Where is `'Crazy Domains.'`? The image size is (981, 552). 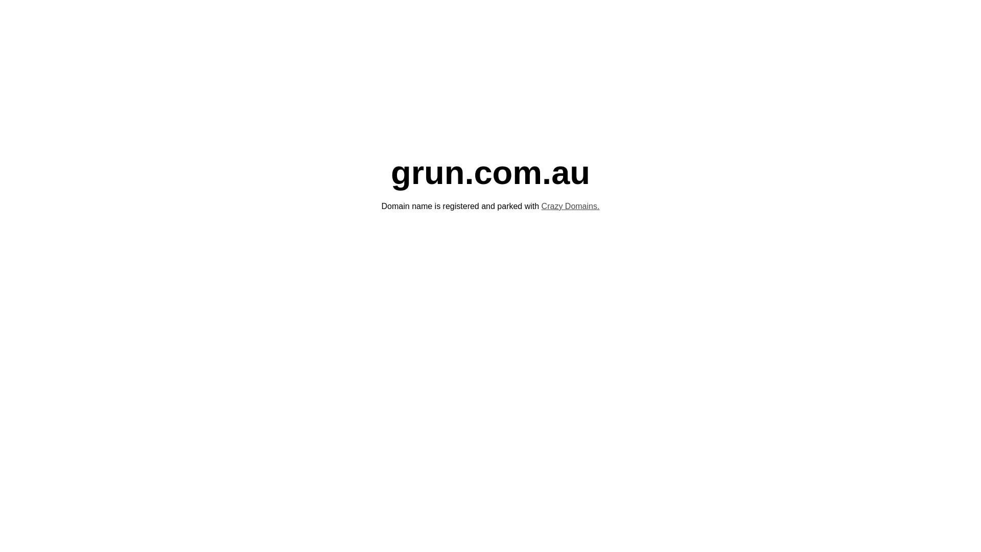
'Crazy Domains.' is located at coordinates (570, 206).